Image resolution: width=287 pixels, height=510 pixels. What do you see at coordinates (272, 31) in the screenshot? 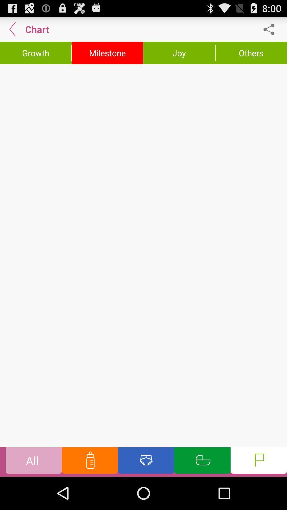
I see `the share icon` at bounding box center [272, 31].